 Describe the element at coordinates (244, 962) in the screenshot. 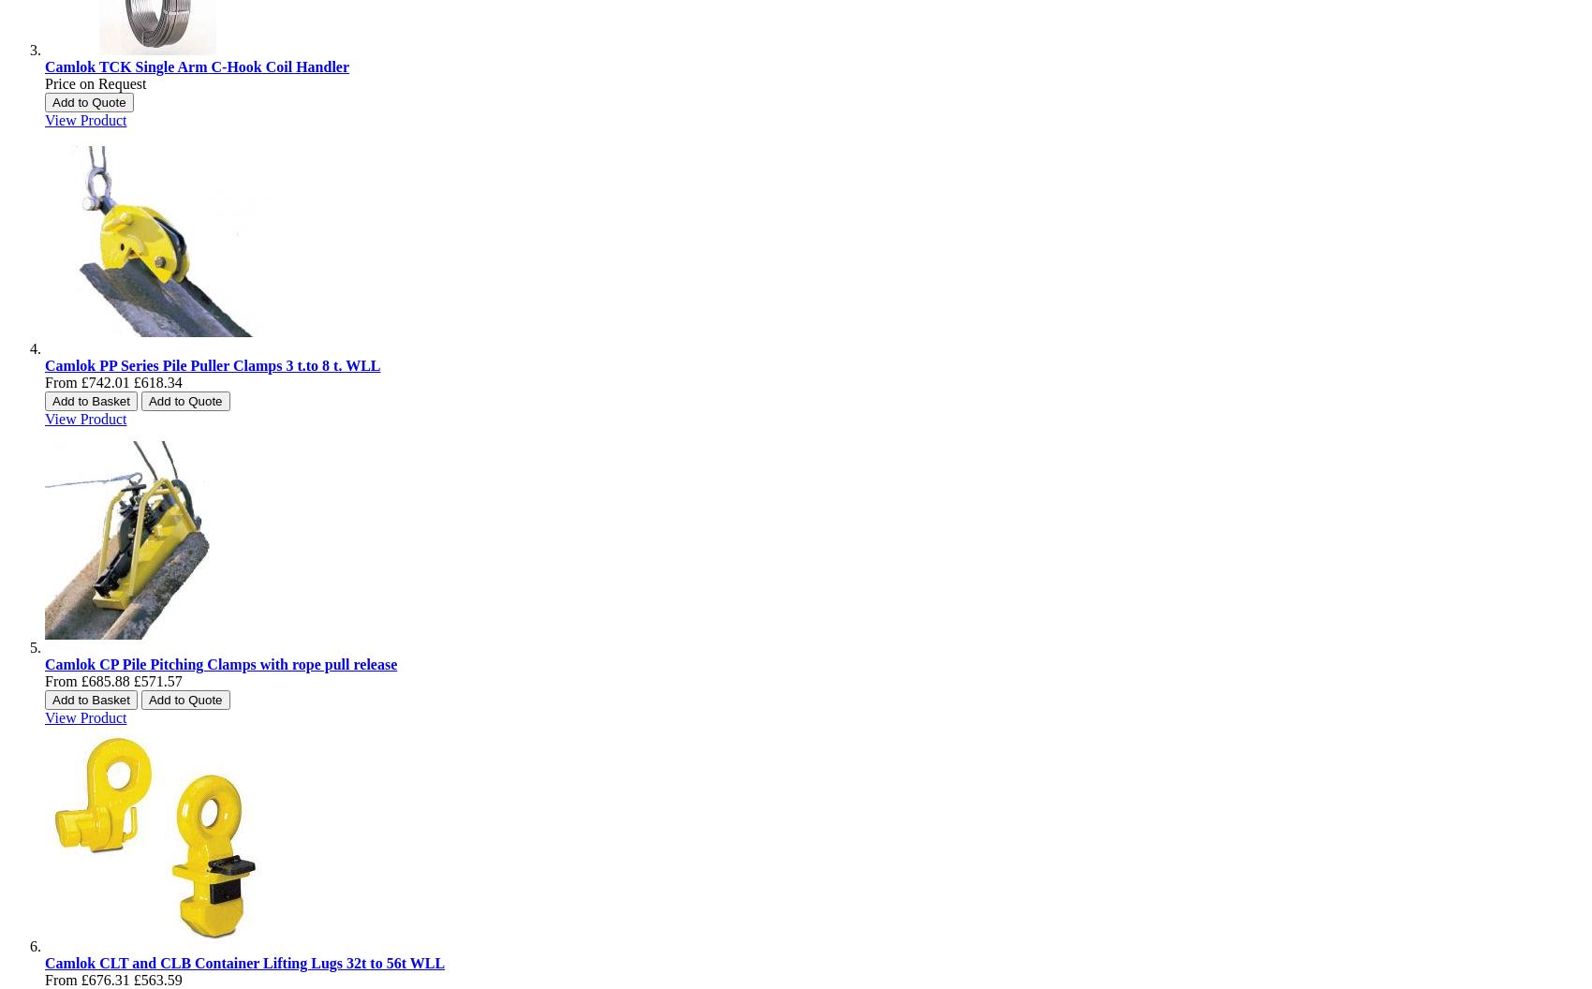

I see `'Camlok CLT and CLB Container Lifting Lugs 32t to 56t WLL'` at that location.